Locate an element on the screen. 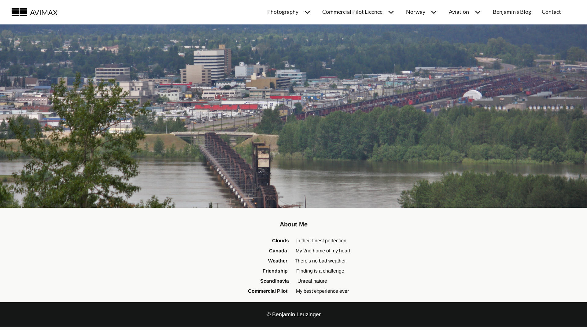 The height and width of the screenshot is (330, 587). 'Benjamin's Blog' is located at coordinates (512, 12).